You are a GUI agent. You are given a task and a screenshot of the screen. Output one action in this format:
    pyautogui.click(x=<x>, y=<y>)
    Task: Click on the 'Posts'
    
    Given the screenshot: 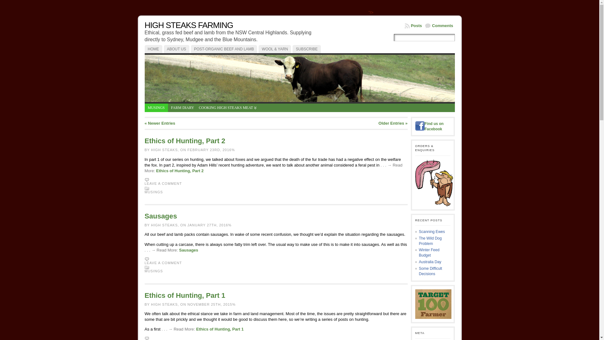 What is the action you would take?
    pyautogui.click(x=413, y=25)
    